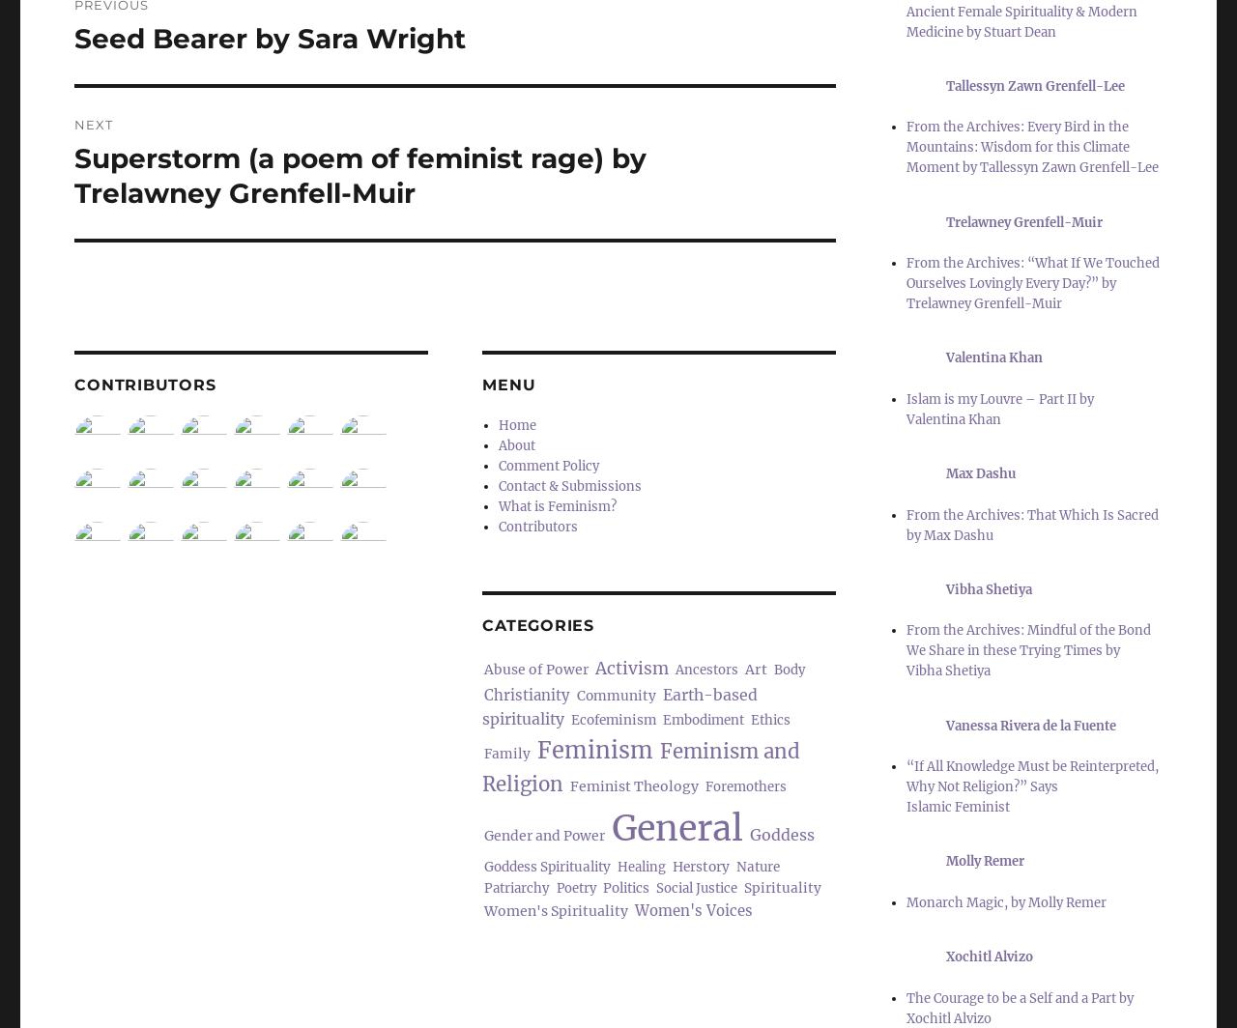 This screenshot has width=1237, height=1028. What do you see at coordinates (1030, 147) in the screenshot?
I see `'From the Archives: Every Bird in the Mountains: Wisdom for this Climate Moment by Tallessyn Zawn Grenfell-Lee'` at bounding box center [1030, 147].